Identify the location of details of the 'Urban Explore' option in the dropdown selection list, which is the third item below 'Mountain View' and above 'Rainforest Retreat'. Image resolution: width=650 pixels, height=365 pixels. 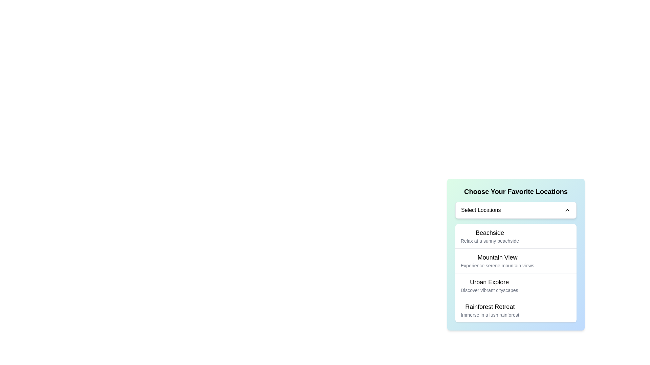
(489, 285).